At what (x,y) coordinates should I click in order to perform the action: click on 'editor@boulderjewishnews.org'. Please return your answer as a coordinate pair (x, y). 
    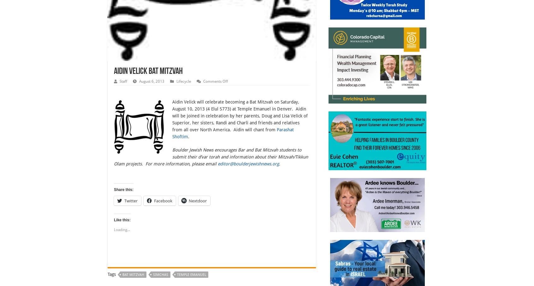
    Looking at the image, I should click on (248, 164).